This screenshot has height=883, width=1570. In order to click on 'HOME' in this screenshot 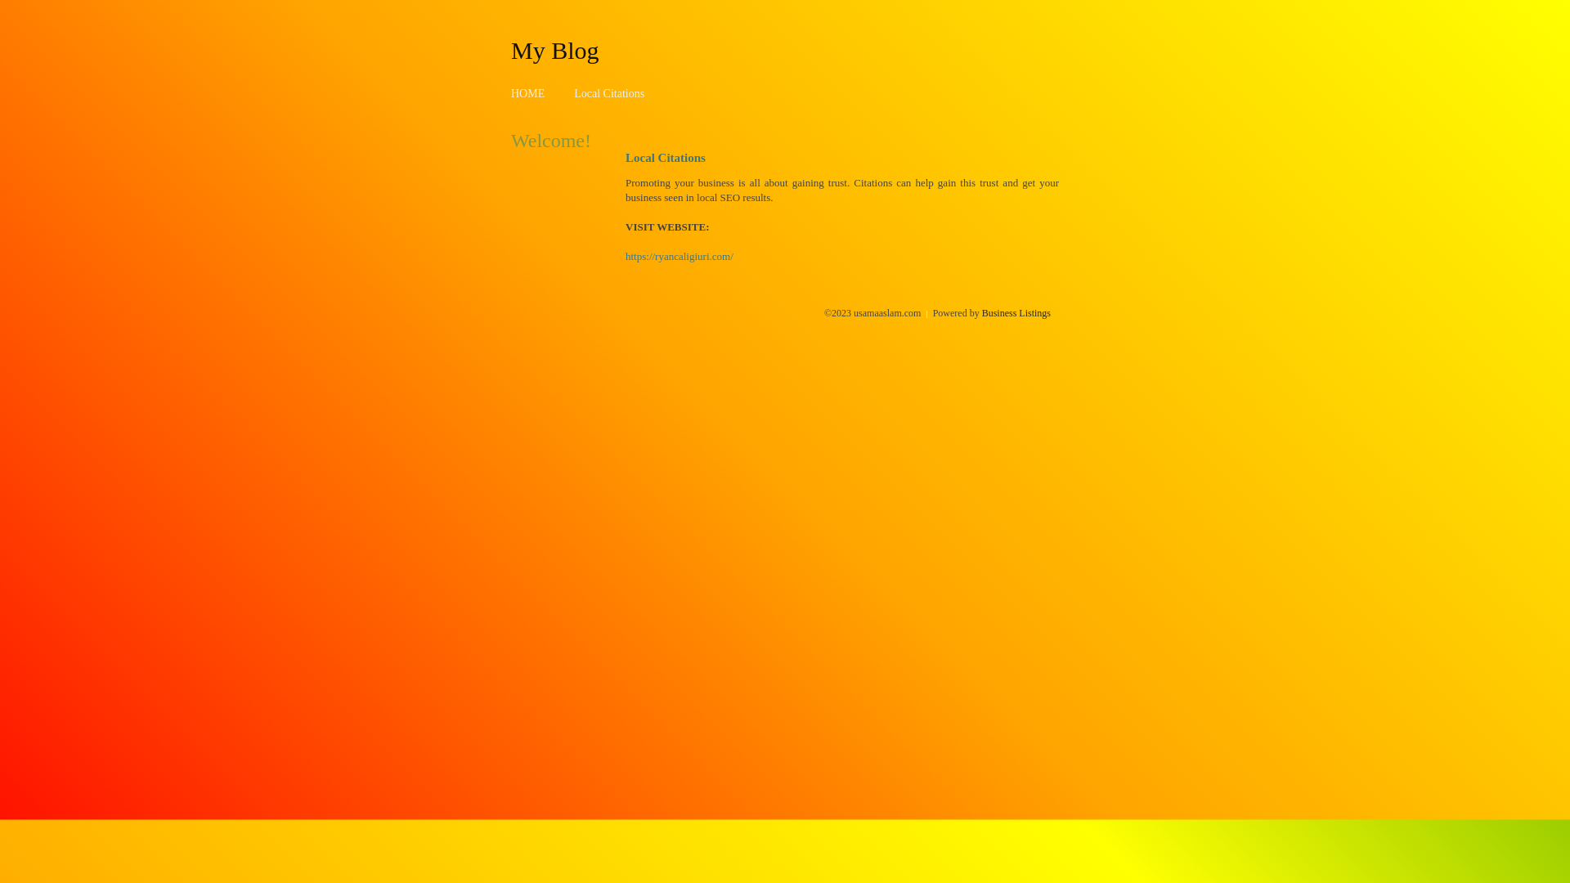, I will do `click(527, 93)`.